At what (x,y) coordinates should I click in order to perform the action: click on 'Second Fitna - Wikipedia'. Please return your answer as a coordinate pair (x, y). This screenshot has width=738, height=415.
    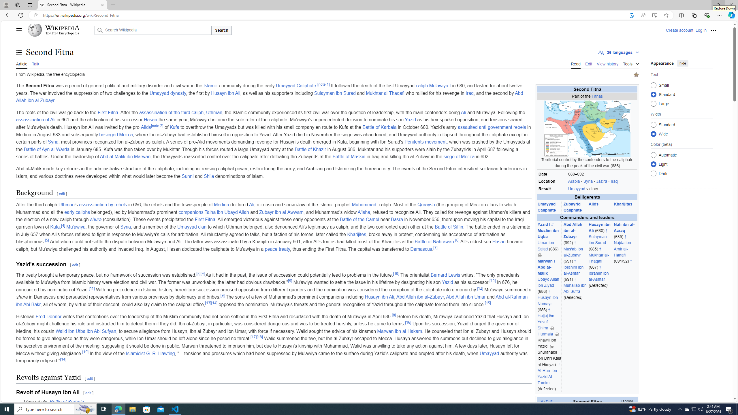
    Looking at the image, I should click on (72, 5).